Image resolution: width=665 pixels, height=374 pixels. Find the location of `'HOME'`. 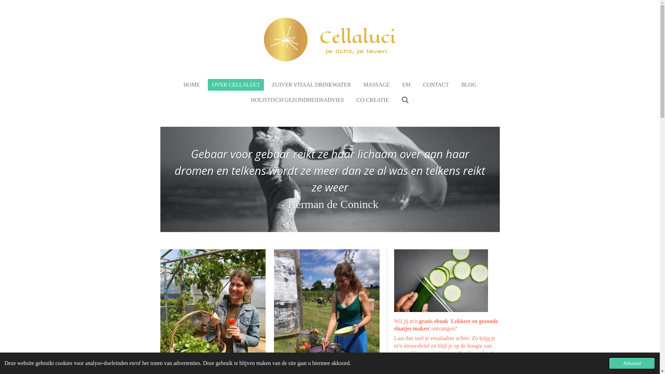

'HOME' is located at coordinates (192, 84).